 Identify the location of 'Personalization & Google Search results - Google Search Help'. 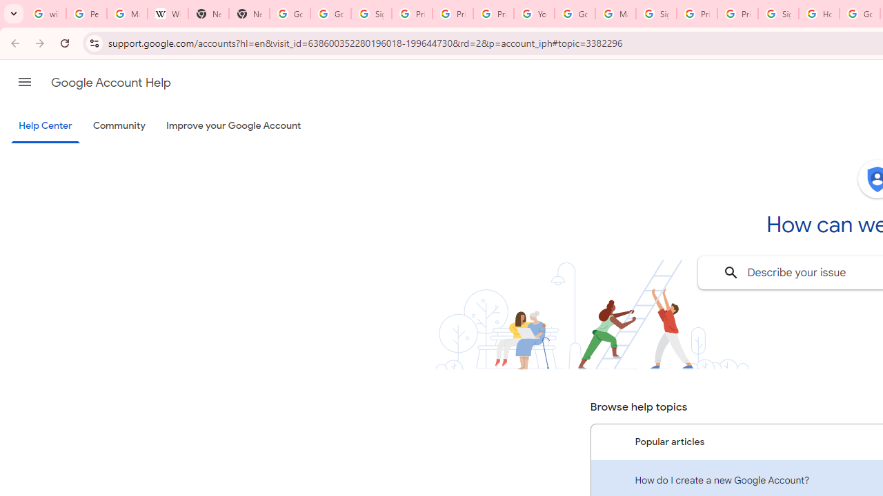
(86, 14).